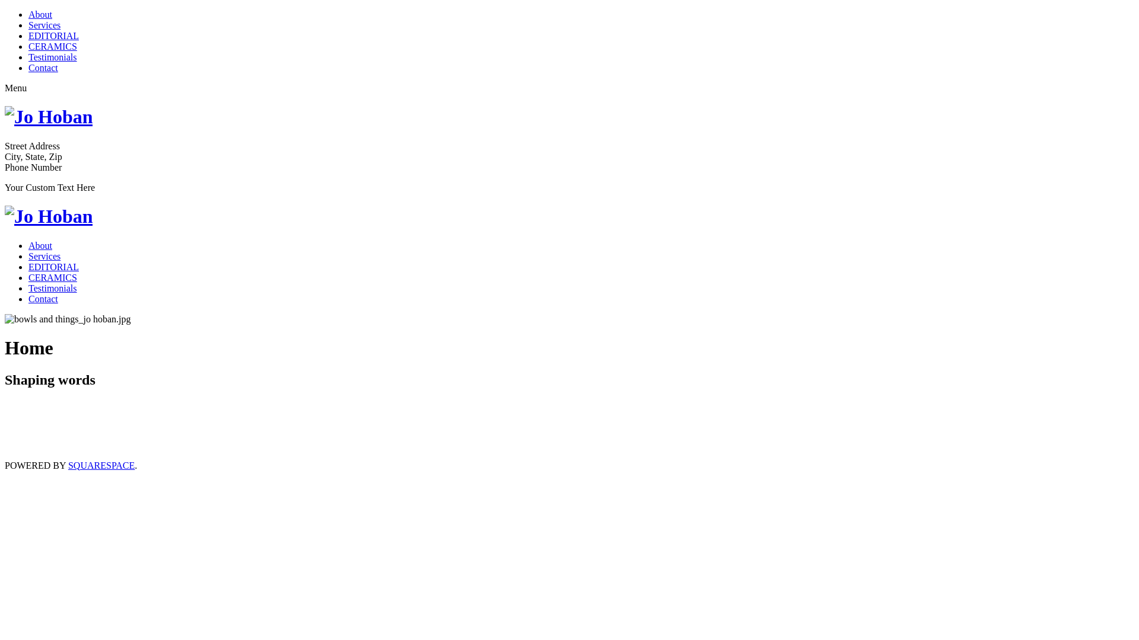 This screenshot has height=640, width=1139. Describe the element at coordinates (28, 68) in the screenshot. I see `'Contact'` at that location.